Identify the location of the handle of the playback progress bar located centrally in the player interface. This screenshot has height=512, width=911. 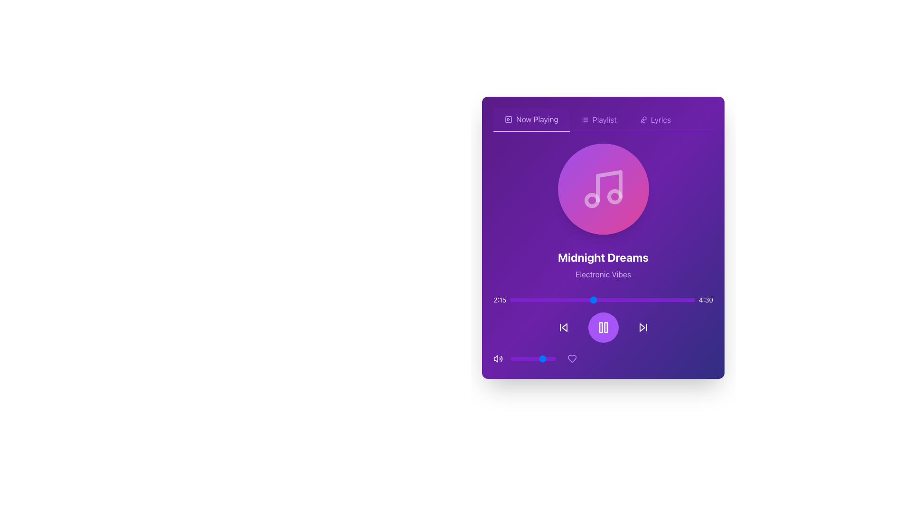
(603, 300).